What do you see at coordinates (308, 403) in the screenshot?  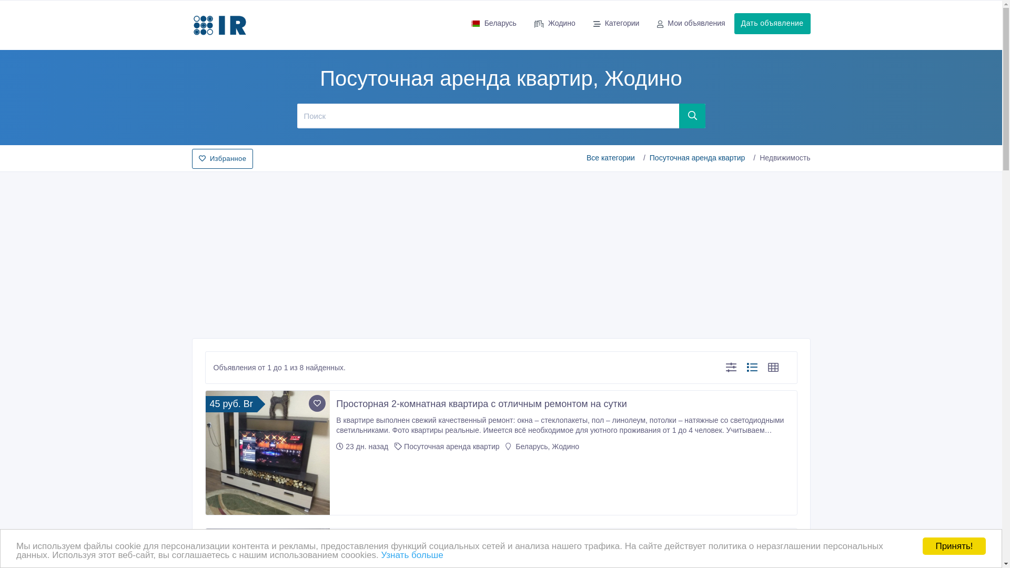 I see `'Add to favorite'` at bounding box center [308, 403].